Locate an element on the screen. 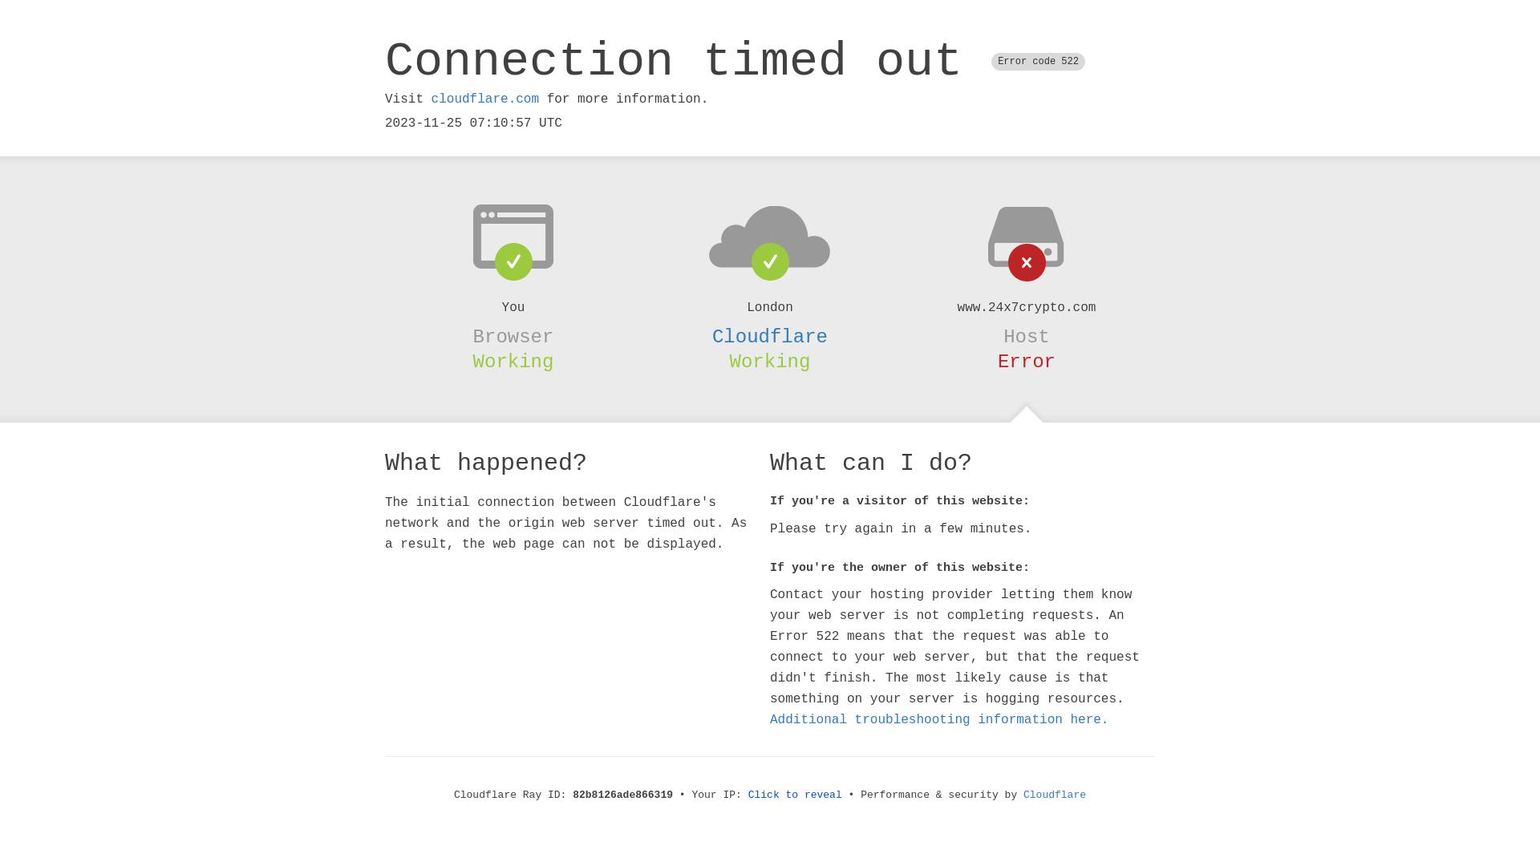  'cloudflare.com' is located at coordinates (431, 99).